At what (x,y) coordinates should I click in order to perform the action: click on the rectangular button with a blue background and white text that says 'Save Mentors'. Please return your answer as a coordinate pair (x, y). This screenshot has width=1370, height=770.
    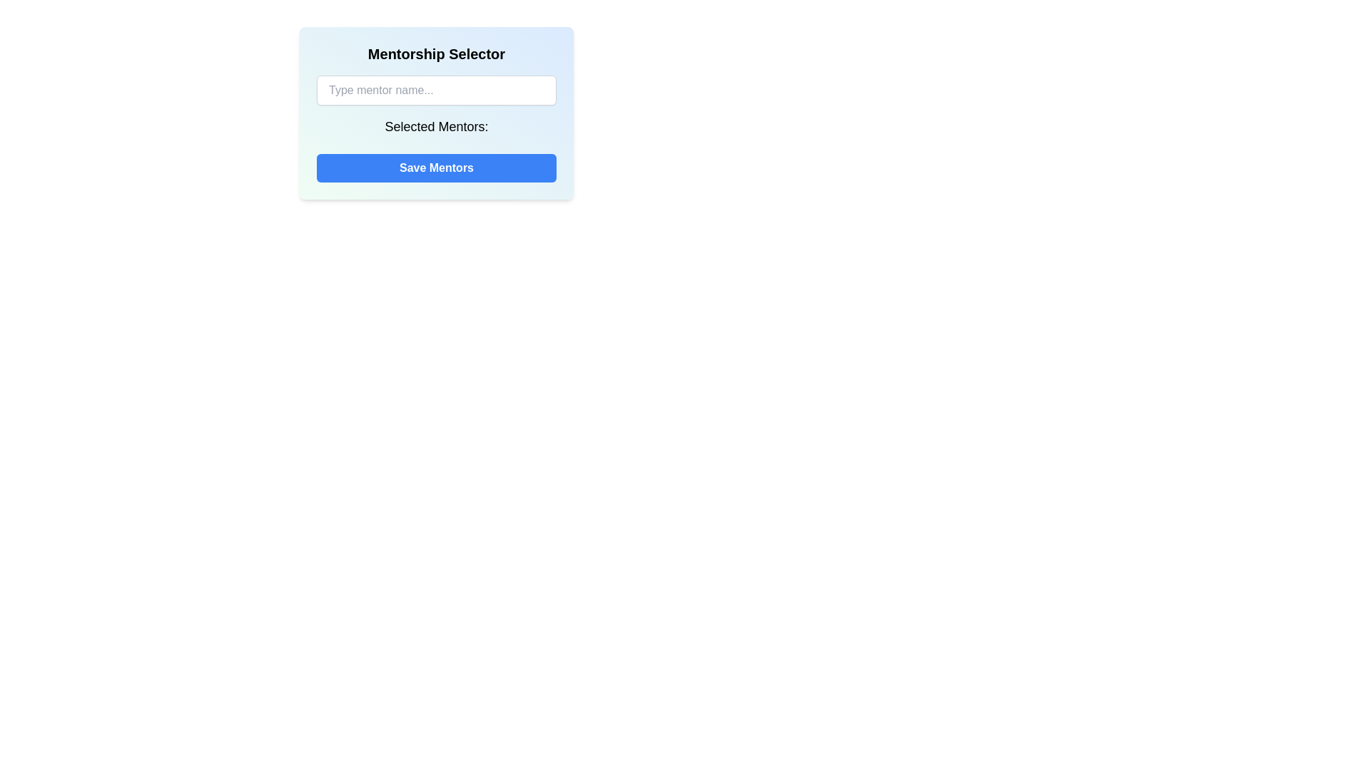
    Looking at the image, I should click on (435, 167).